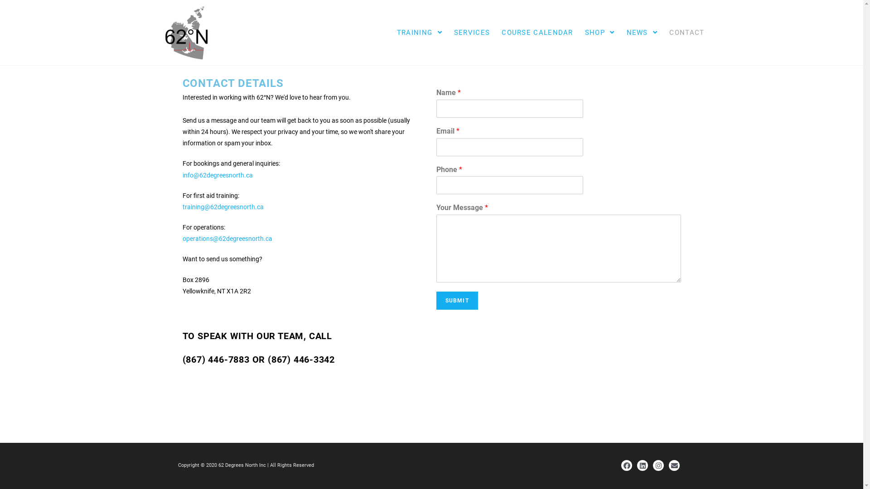  What do you see at coordinates (182, 238) in the screenshot?
I see `'operations@62degreesnorth.ca'` at bounding box center [182, 238].